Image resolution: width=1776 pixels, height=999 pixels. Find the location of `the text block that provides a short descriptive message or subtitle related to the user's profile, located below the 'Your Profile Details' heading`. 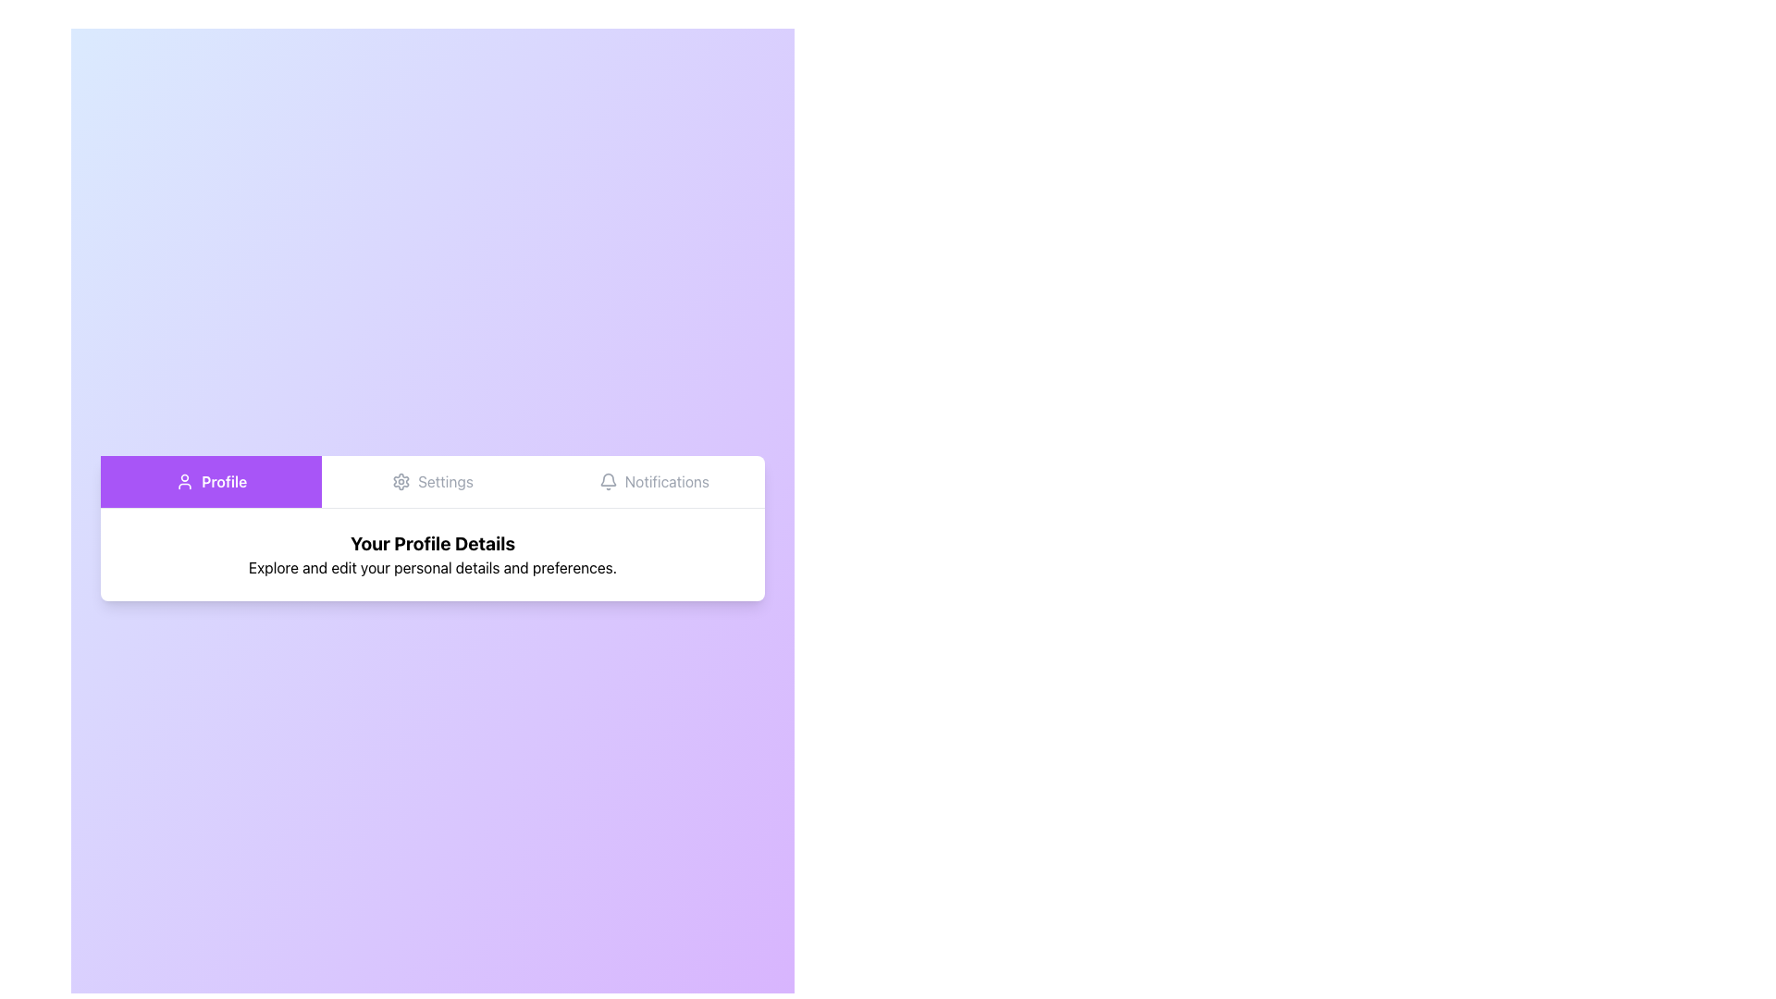

the text block that provides a short descriptive message or subtitle related to the user's profile, located below the 'Your Profile Details' heading is located at coordinates (431, 566).